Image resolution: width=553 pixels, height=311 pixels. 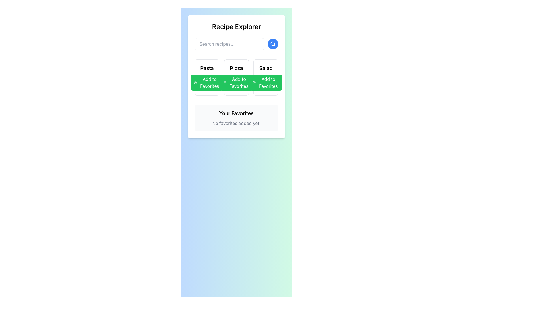 I want to click on the green button labeled 'Add to Favorites' located below the 'Pasta' title, so click(x=207, y=82).